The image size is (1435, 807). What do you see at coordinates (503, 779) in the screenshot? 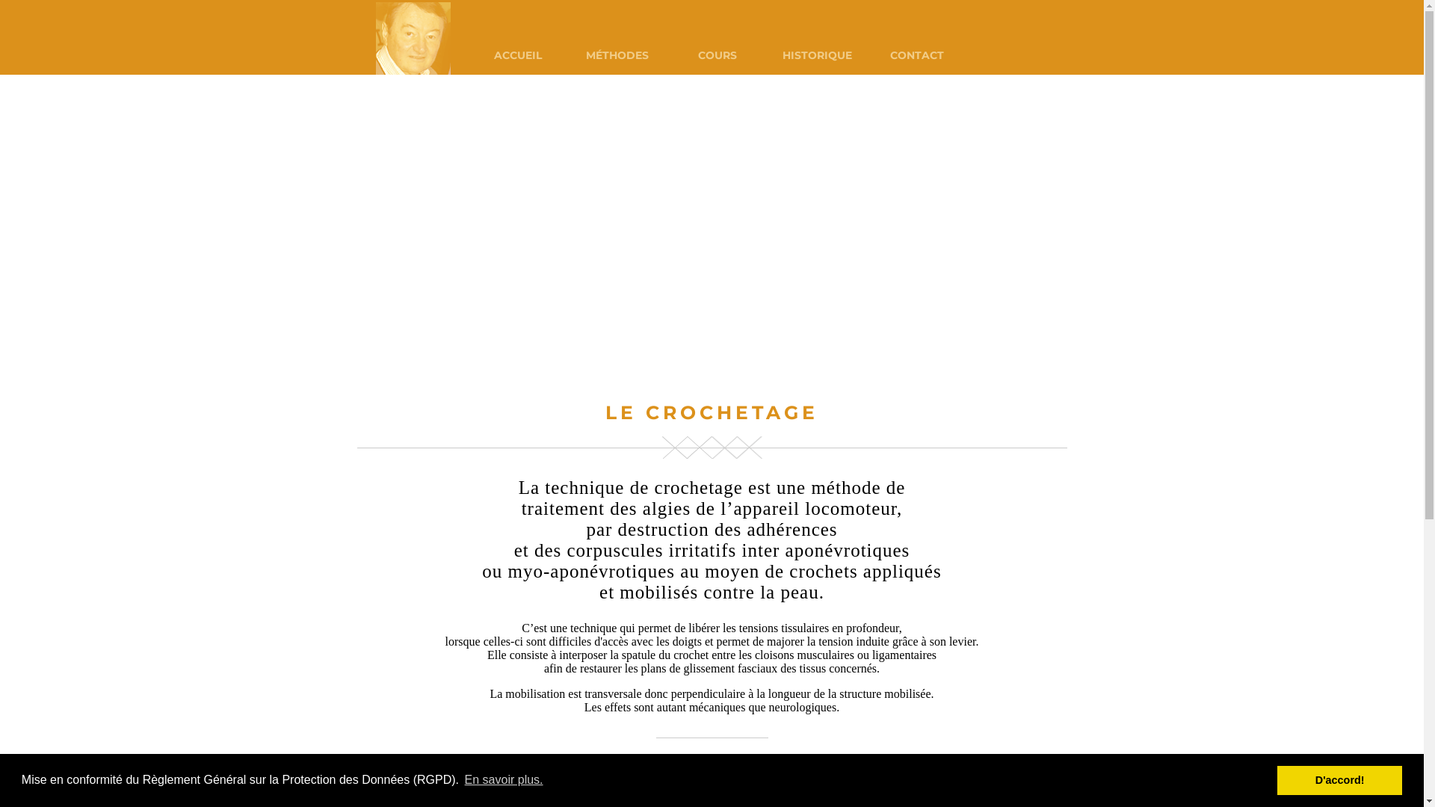
I see `'En savoir plus.'` at bounding box center [503, 779].